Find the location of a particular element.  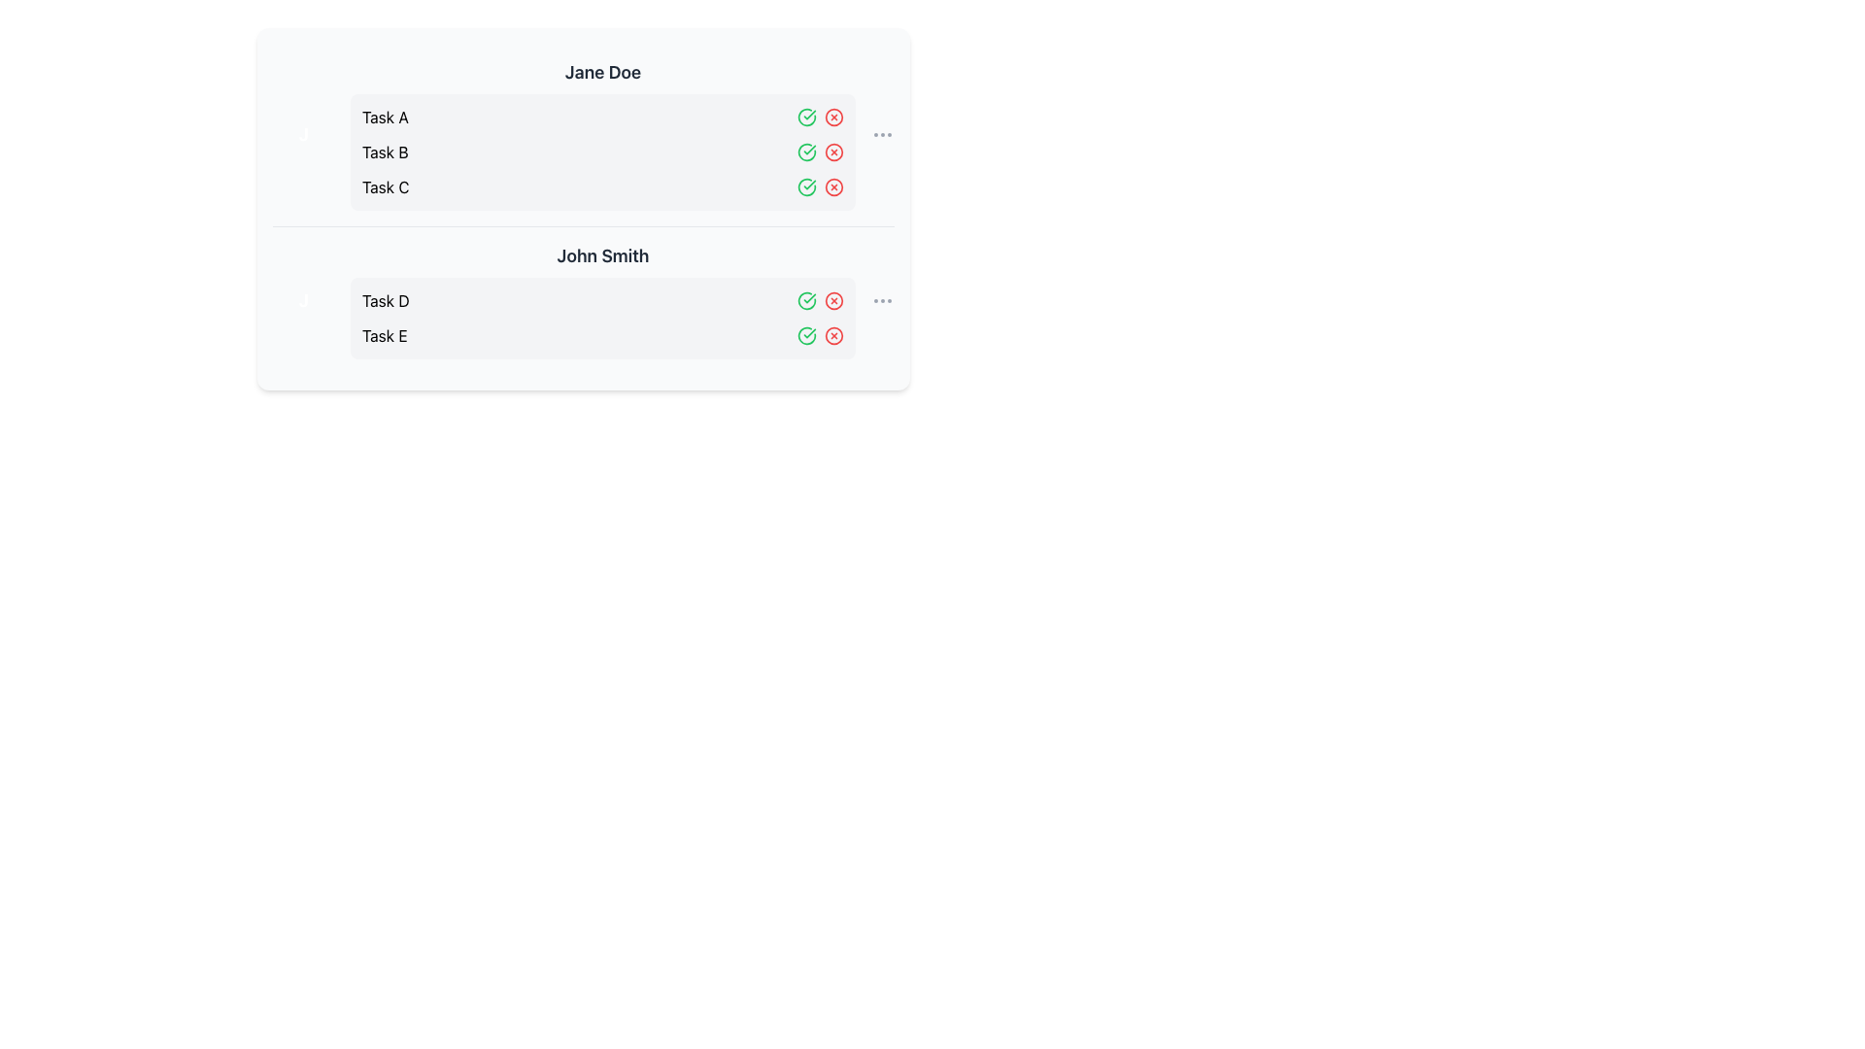

the confirmation button located in the rightmost section of the task action row is located at coordinates (806, 335).